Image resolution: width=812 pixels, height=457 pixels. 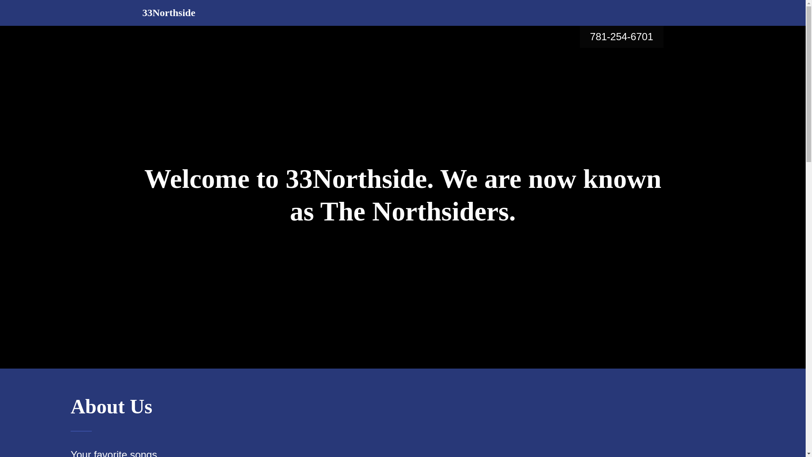 I want to click on '781-254-6701', so click(x=621, y=36).